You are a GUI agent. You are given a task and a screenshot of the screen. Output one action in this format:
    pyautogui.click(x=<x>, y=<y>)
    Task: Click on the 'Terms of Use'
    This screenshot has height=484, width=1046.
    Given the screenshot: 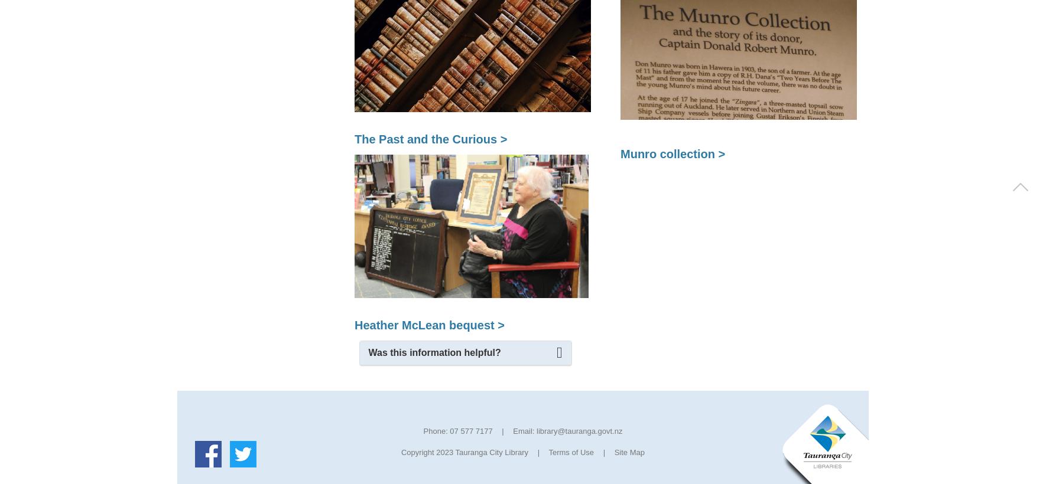 What is the action you would take?
    pyautogui.click(x=570, y=451)
    